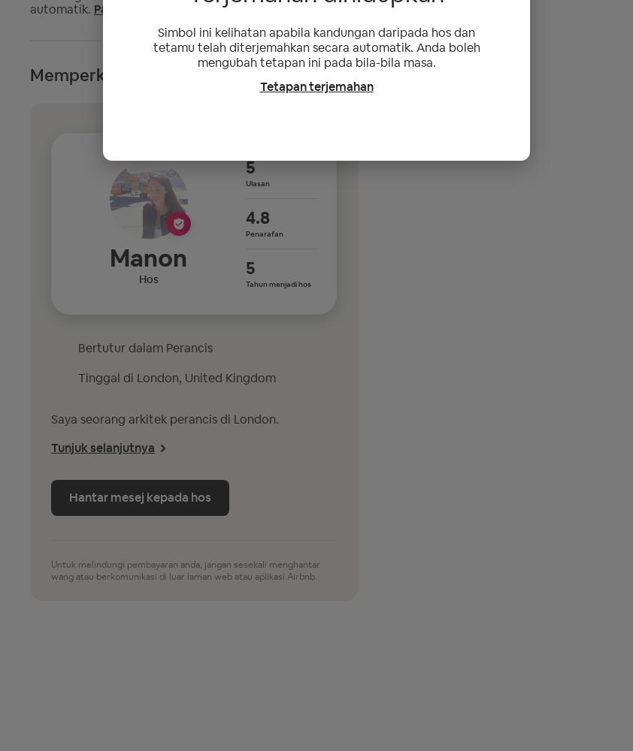 This screenshot has height=751, width=633. I want to click on 'Tunjuk selanjutnya', so click(101, 446).